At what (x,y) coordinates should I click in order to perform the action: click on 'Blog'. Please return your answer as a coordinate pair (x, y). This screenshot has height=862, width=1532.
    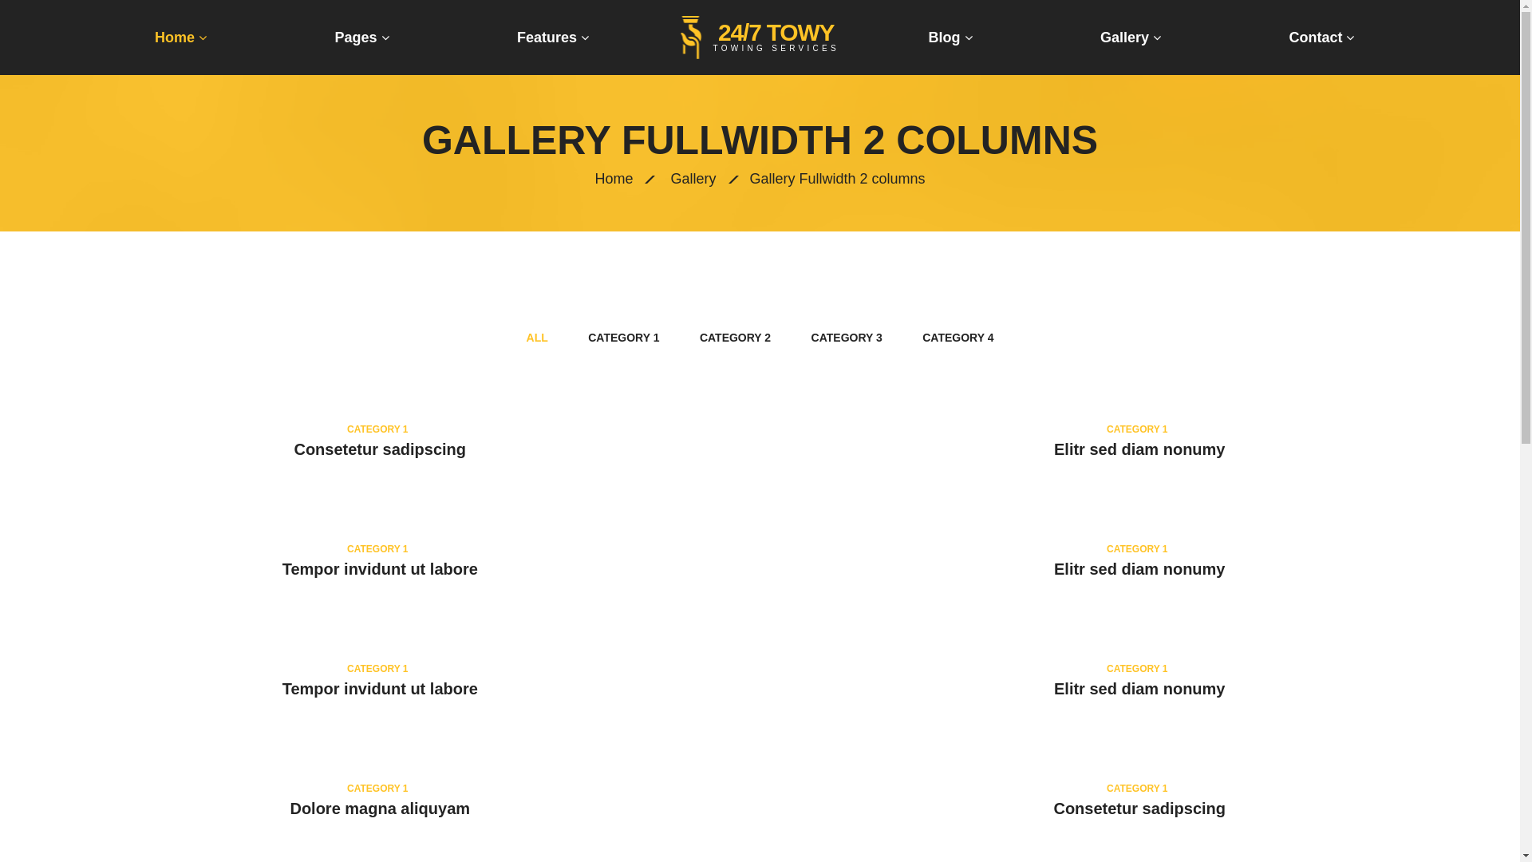
    Looking at the image, I should click on (950, 36).